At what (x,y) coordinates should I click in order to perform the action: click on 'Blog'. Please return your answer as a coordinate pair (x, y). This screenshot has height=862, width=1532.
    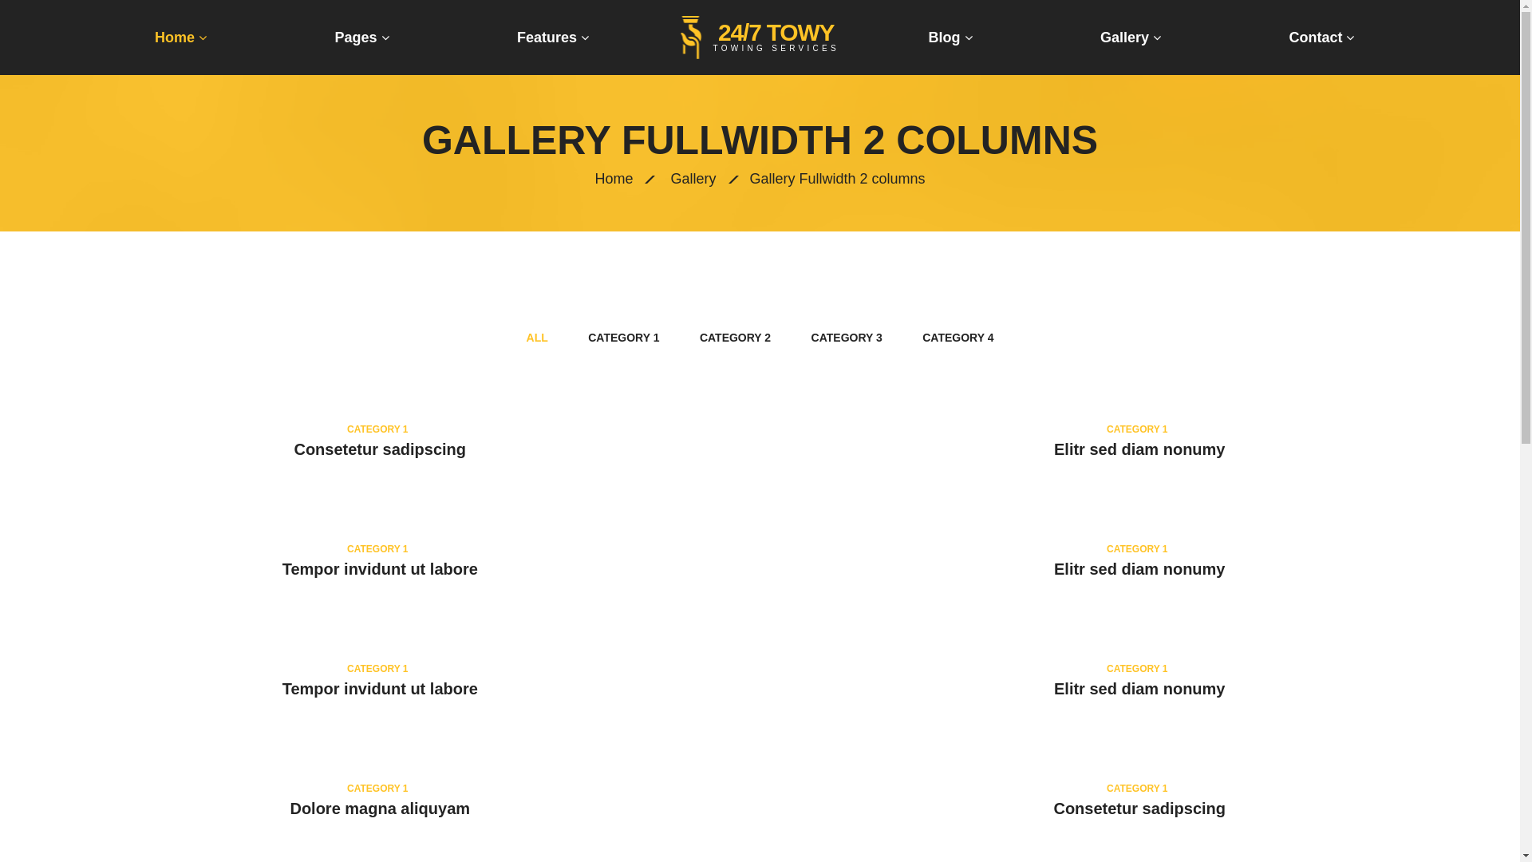
    Looking at the image, I should click on (950, 36).